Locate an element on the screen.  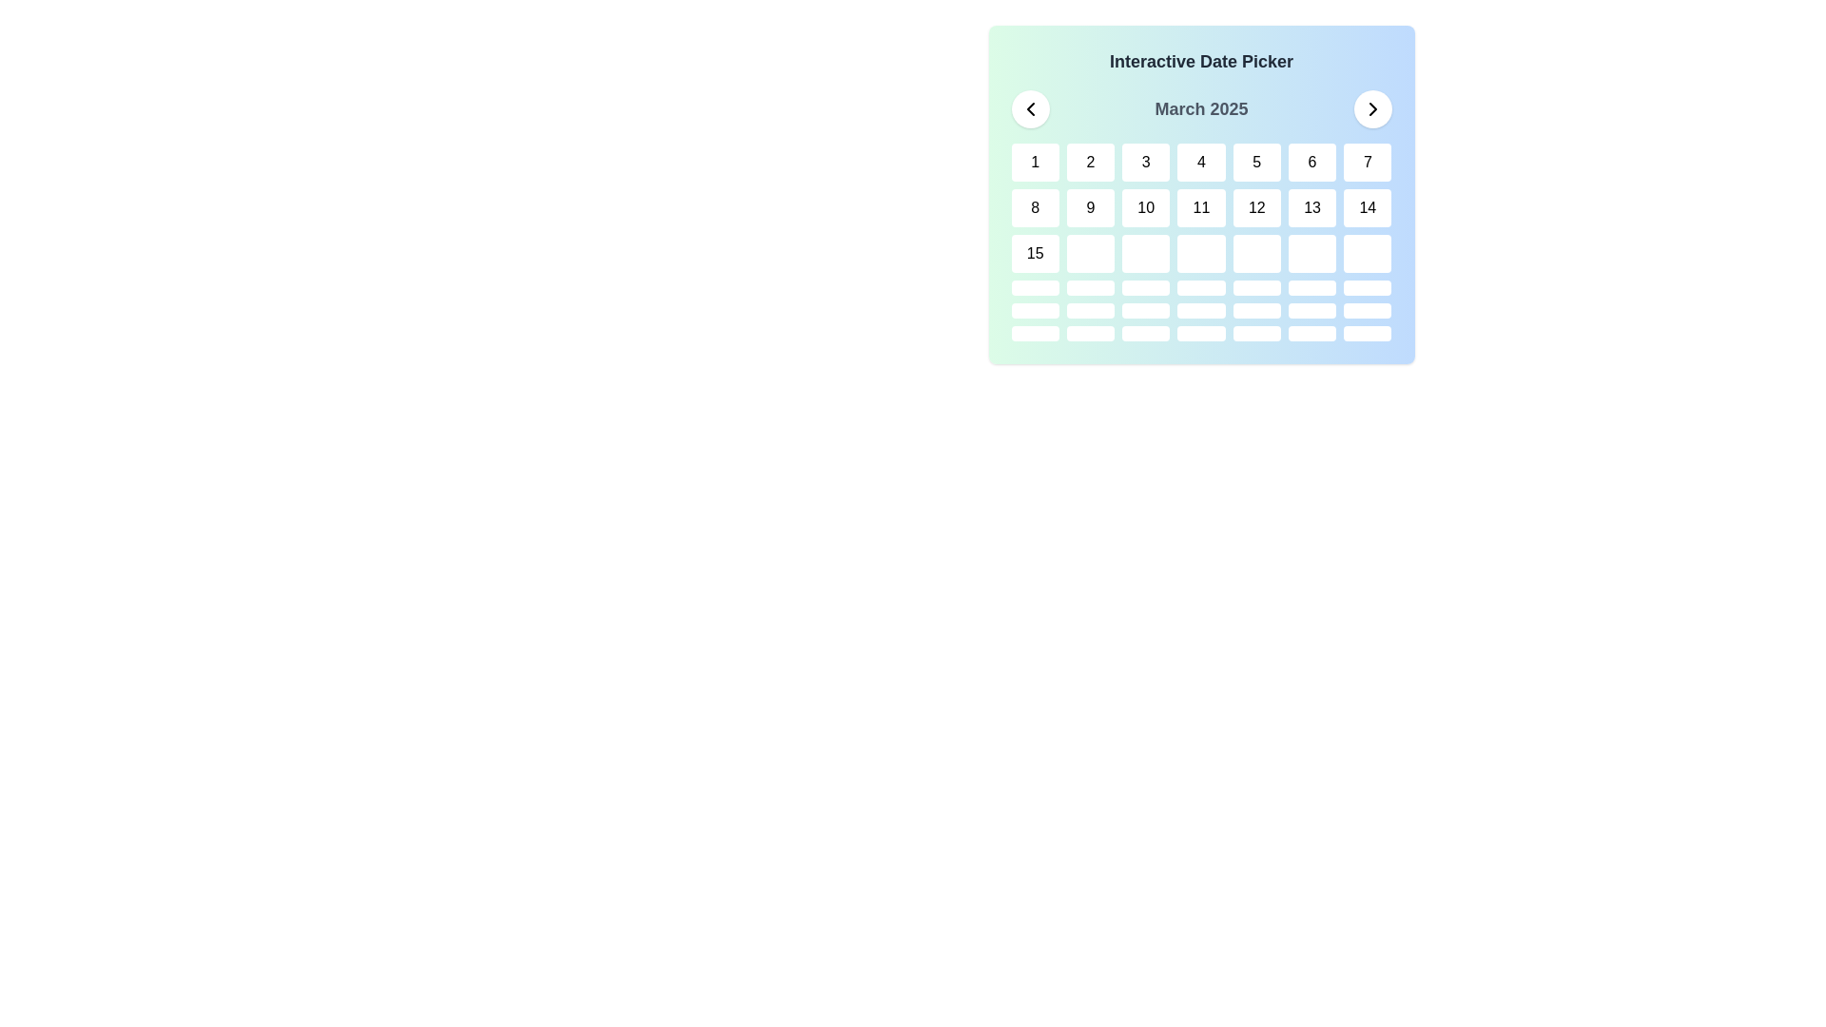
the rightward chevron icon within the circular navigation button located in the top-right corner of the date picker interface is located at coordinates (1372, 109).